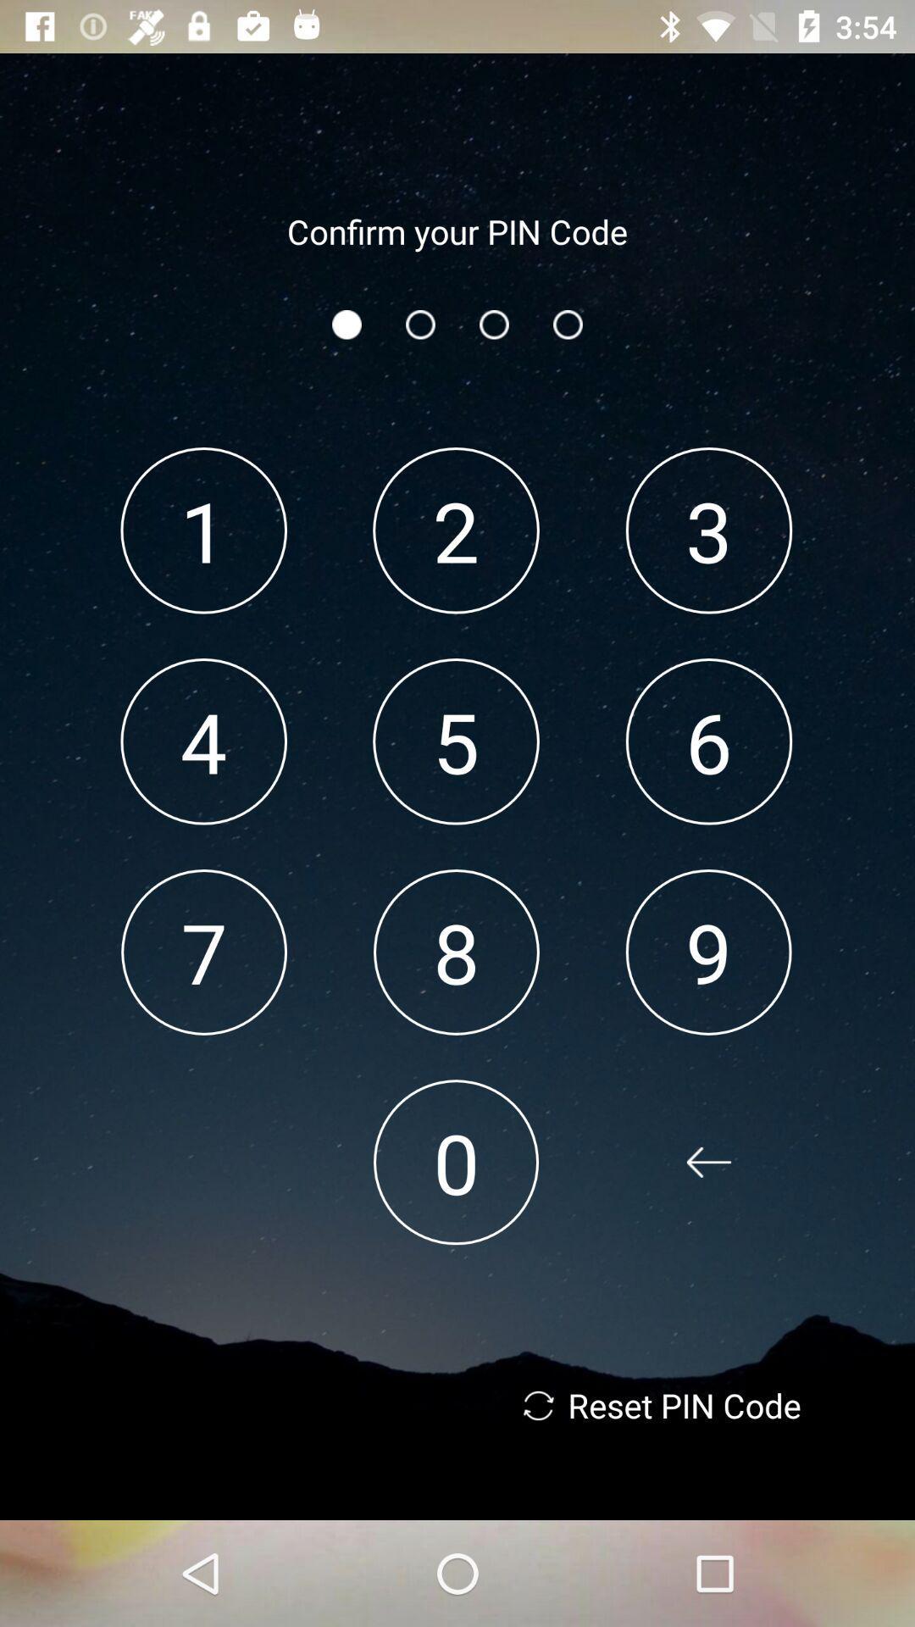 The image size is (915, 1627). Describe the element at coordinates (455, 741) in the screenshot. I see `the icon below 2` at that location.